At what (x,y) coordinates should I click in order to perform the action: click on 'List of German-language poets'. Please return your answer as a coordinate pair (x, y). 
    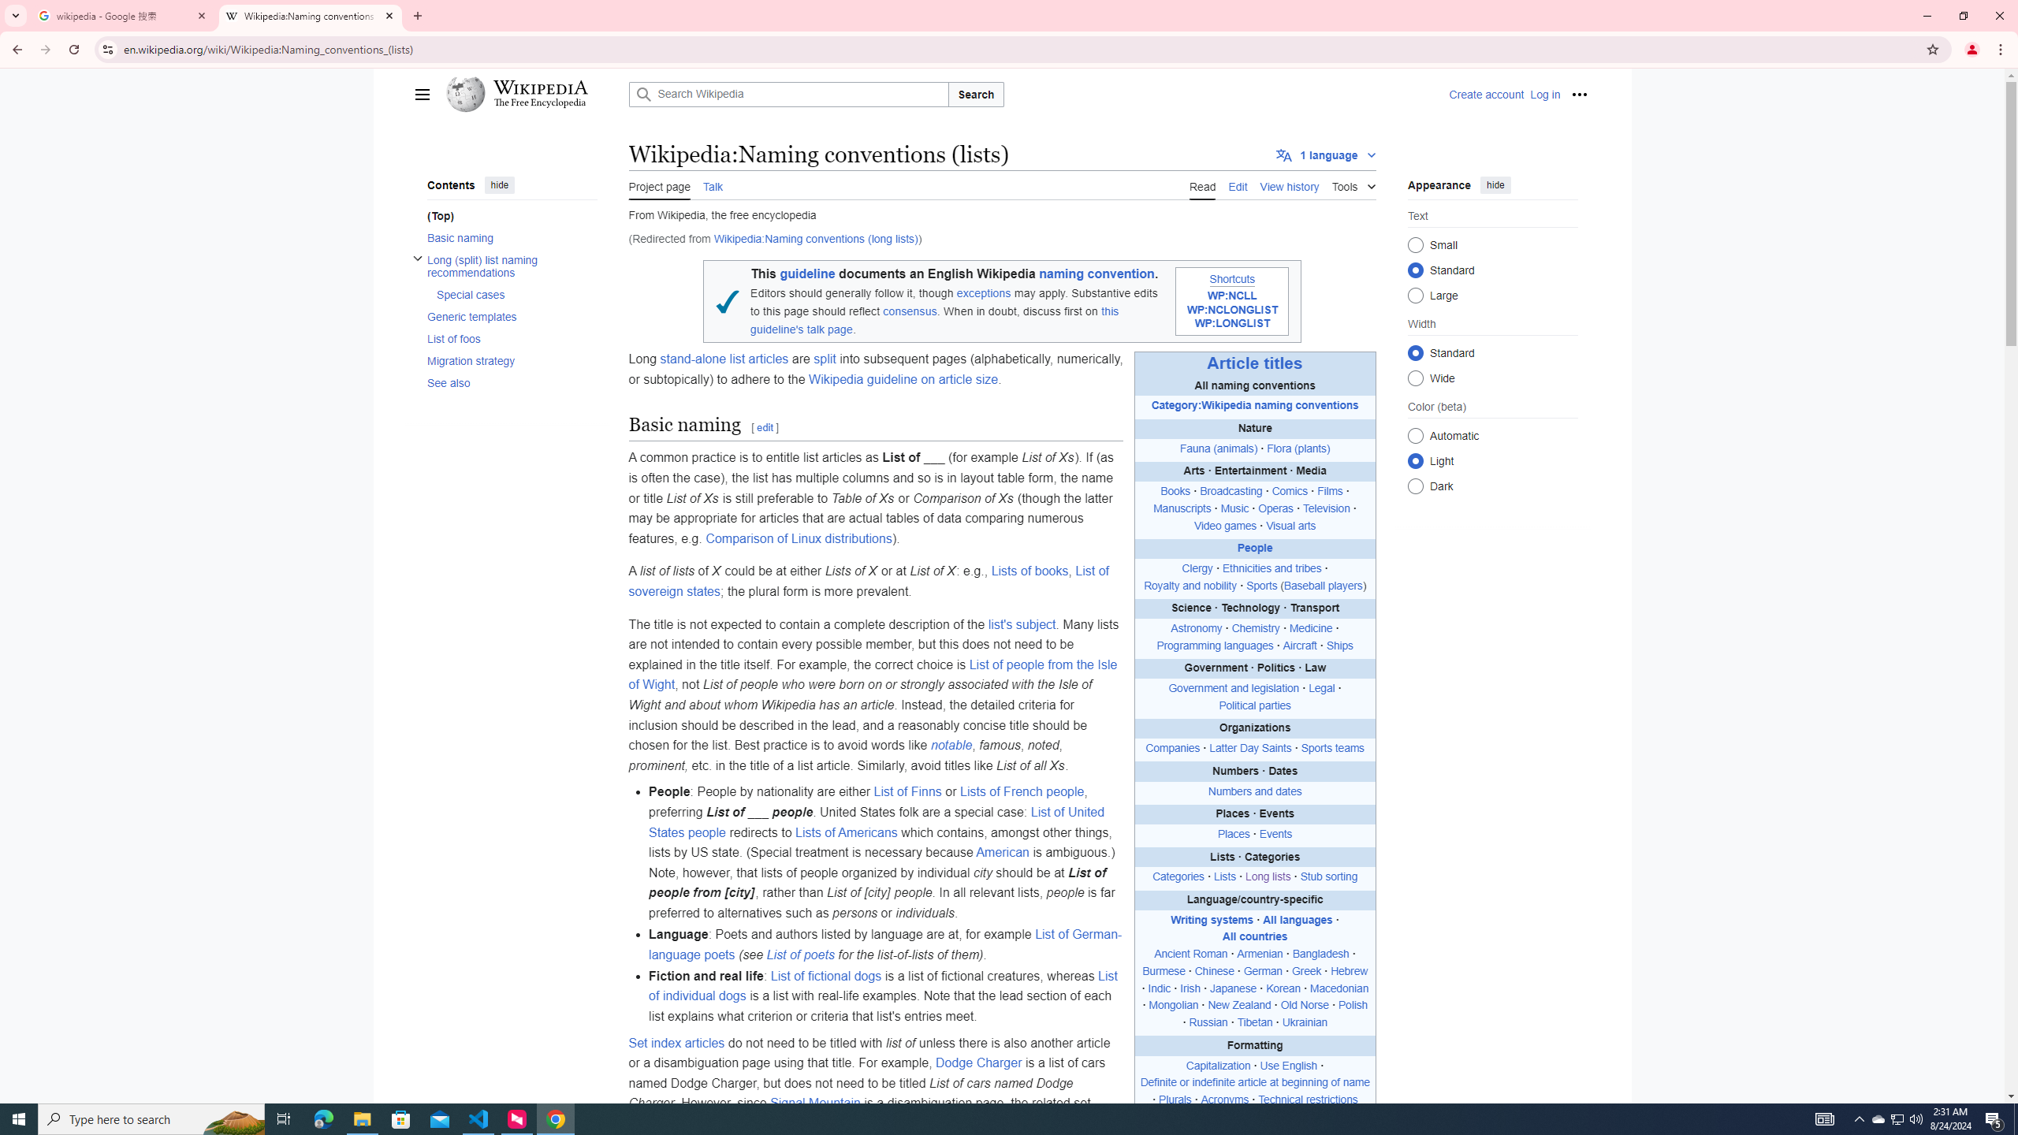
    Looking at the image, I should click on (884, 944).